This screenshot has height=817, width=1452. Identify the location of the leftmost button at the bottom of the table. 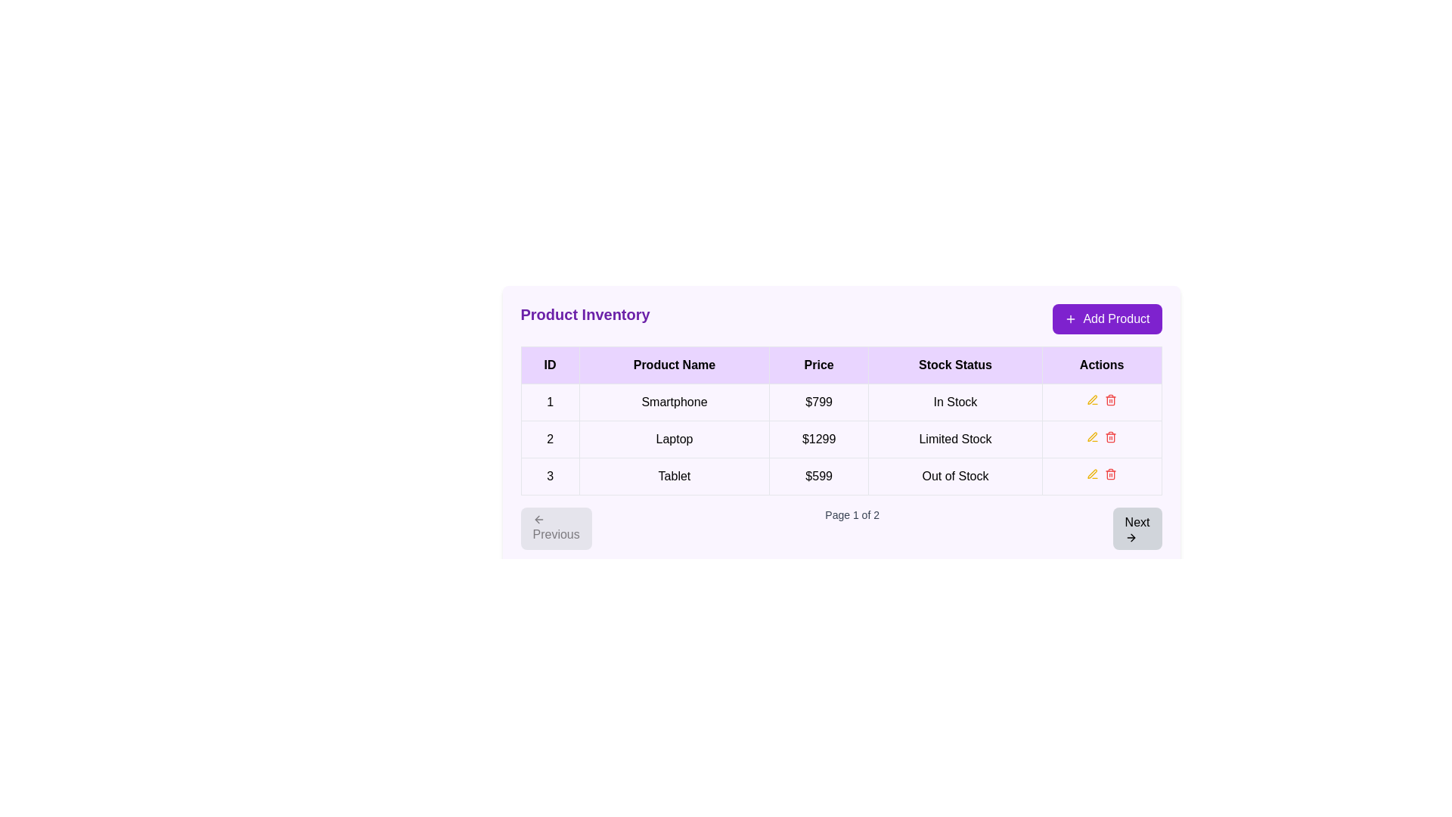
(555, 527).